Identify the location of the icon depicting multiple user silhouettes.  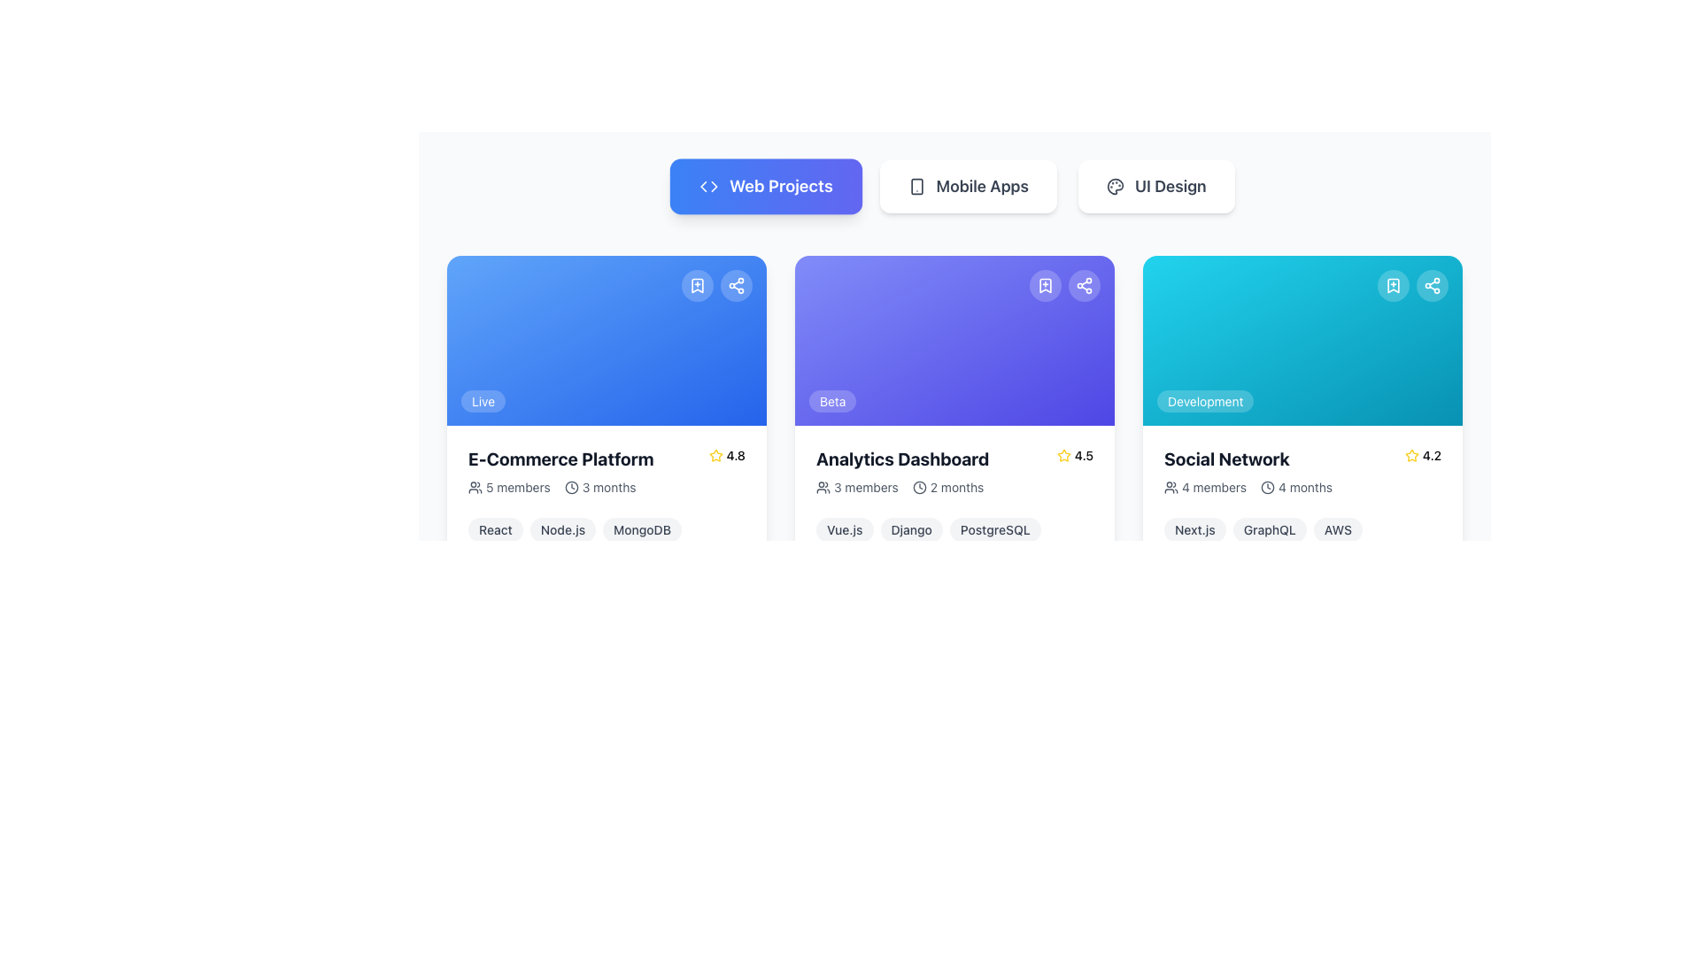
(475, 488).